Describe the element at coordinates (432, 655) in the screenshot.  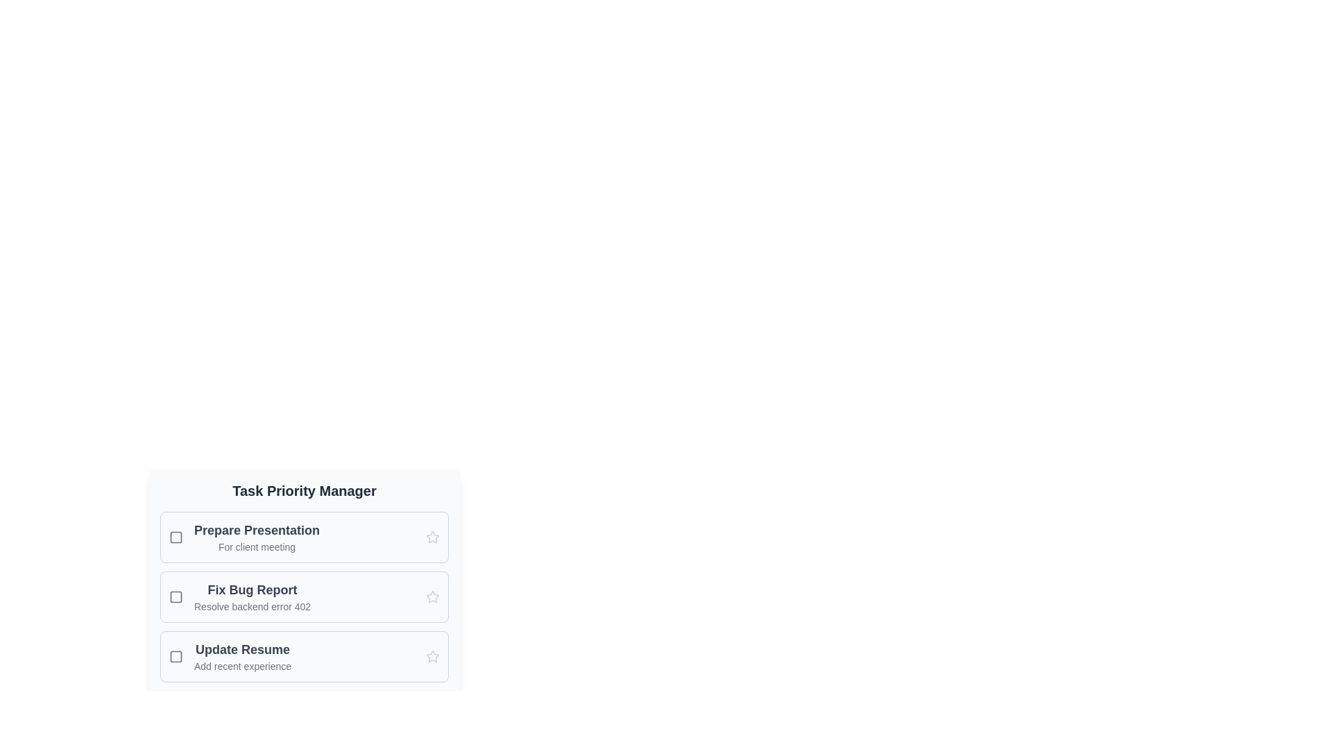
I see `the inactive gray star icon located to the right of the 'Update Resume' task` at that location.